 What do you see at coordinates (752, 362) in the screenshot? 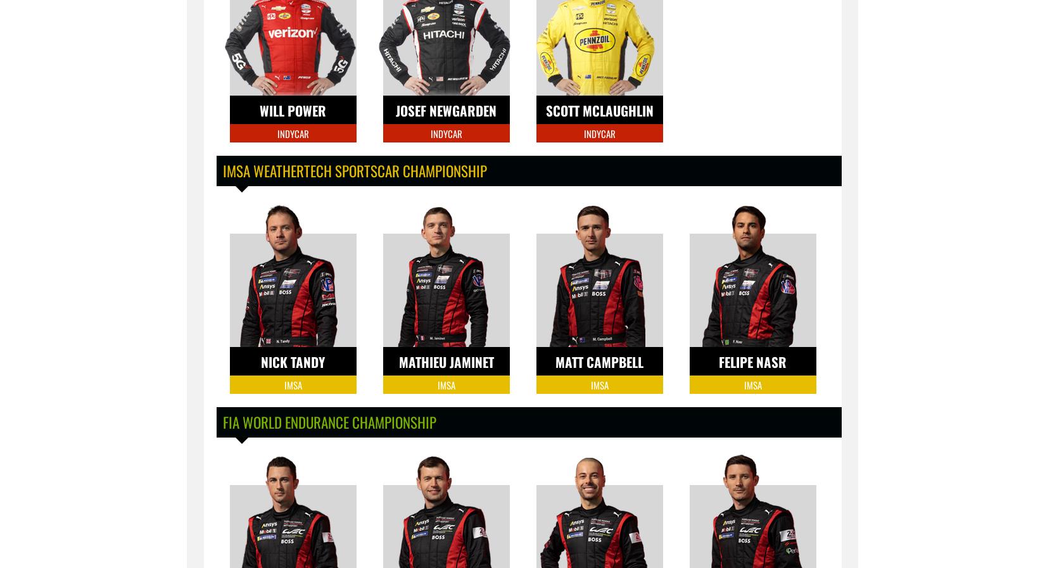
I see `'Felipe Nasr'` at bounding box center [752, 362].